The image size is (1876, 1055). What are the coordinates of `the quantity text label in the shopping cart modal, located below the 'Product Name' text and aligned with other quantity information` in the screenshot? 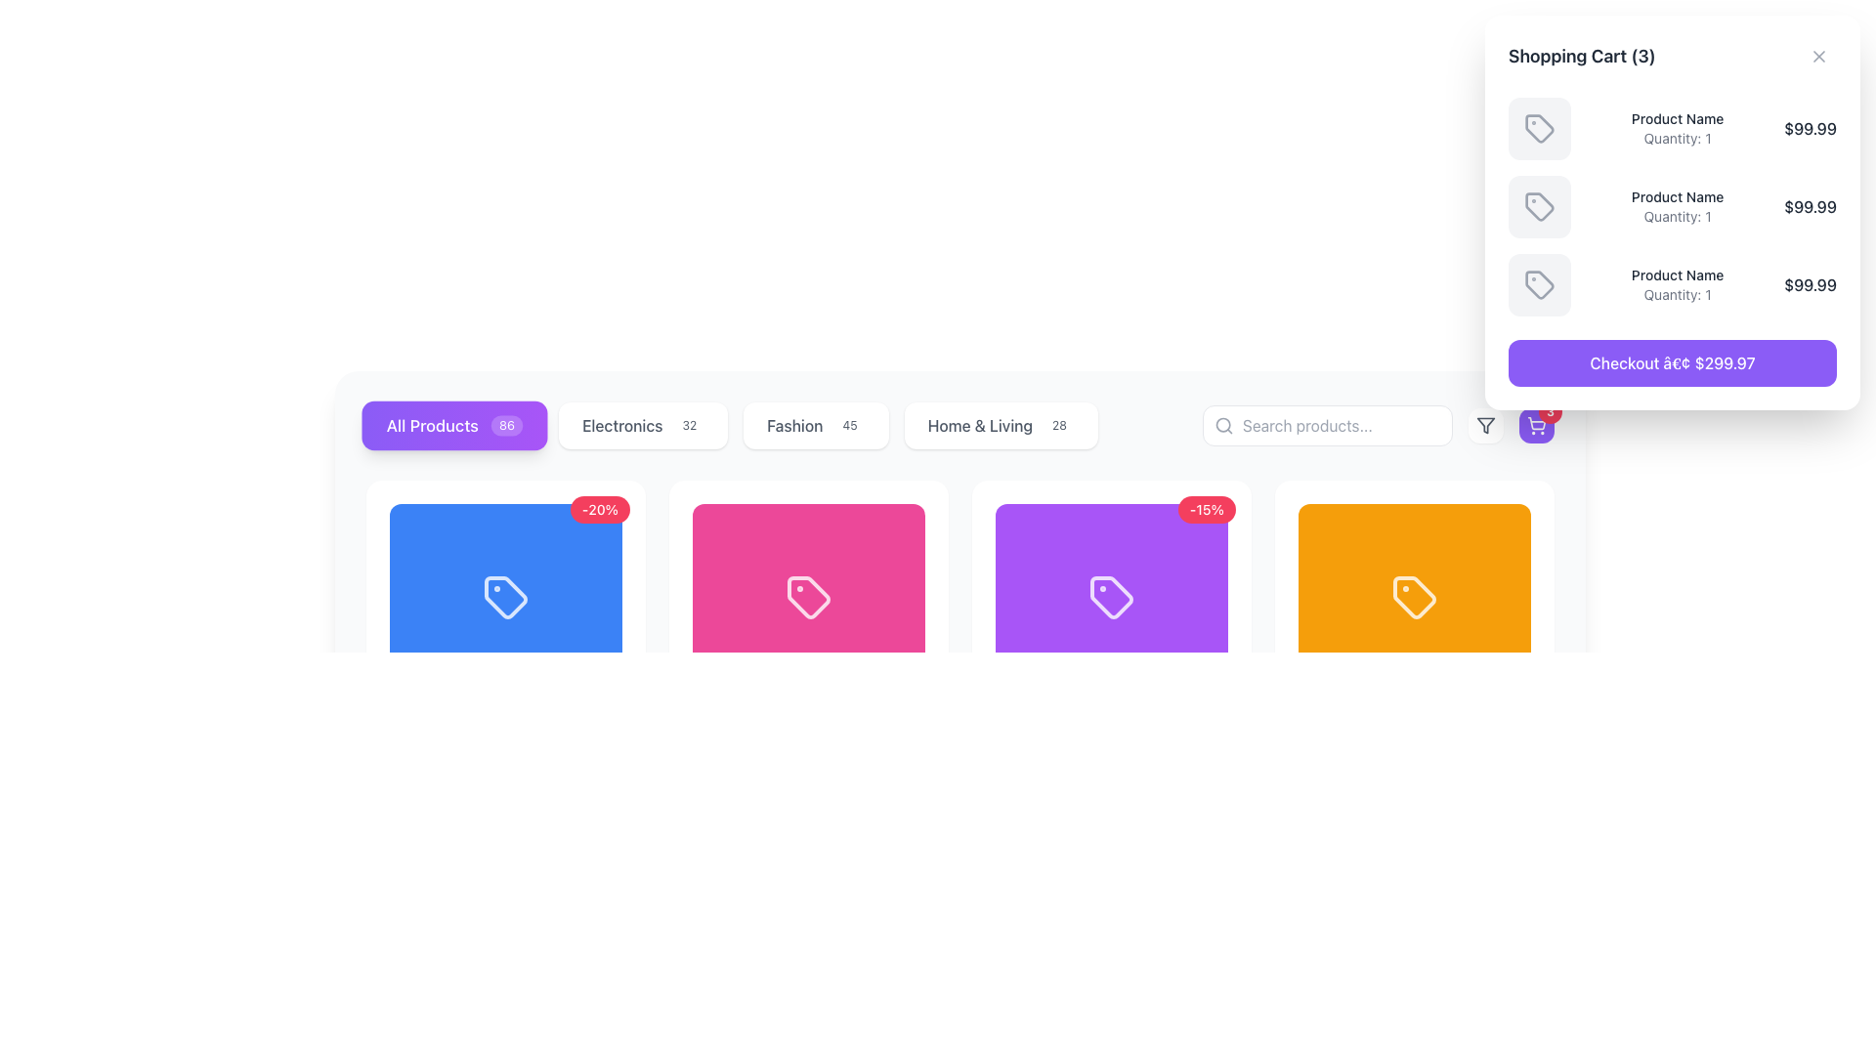 It's located at (1677, 138).